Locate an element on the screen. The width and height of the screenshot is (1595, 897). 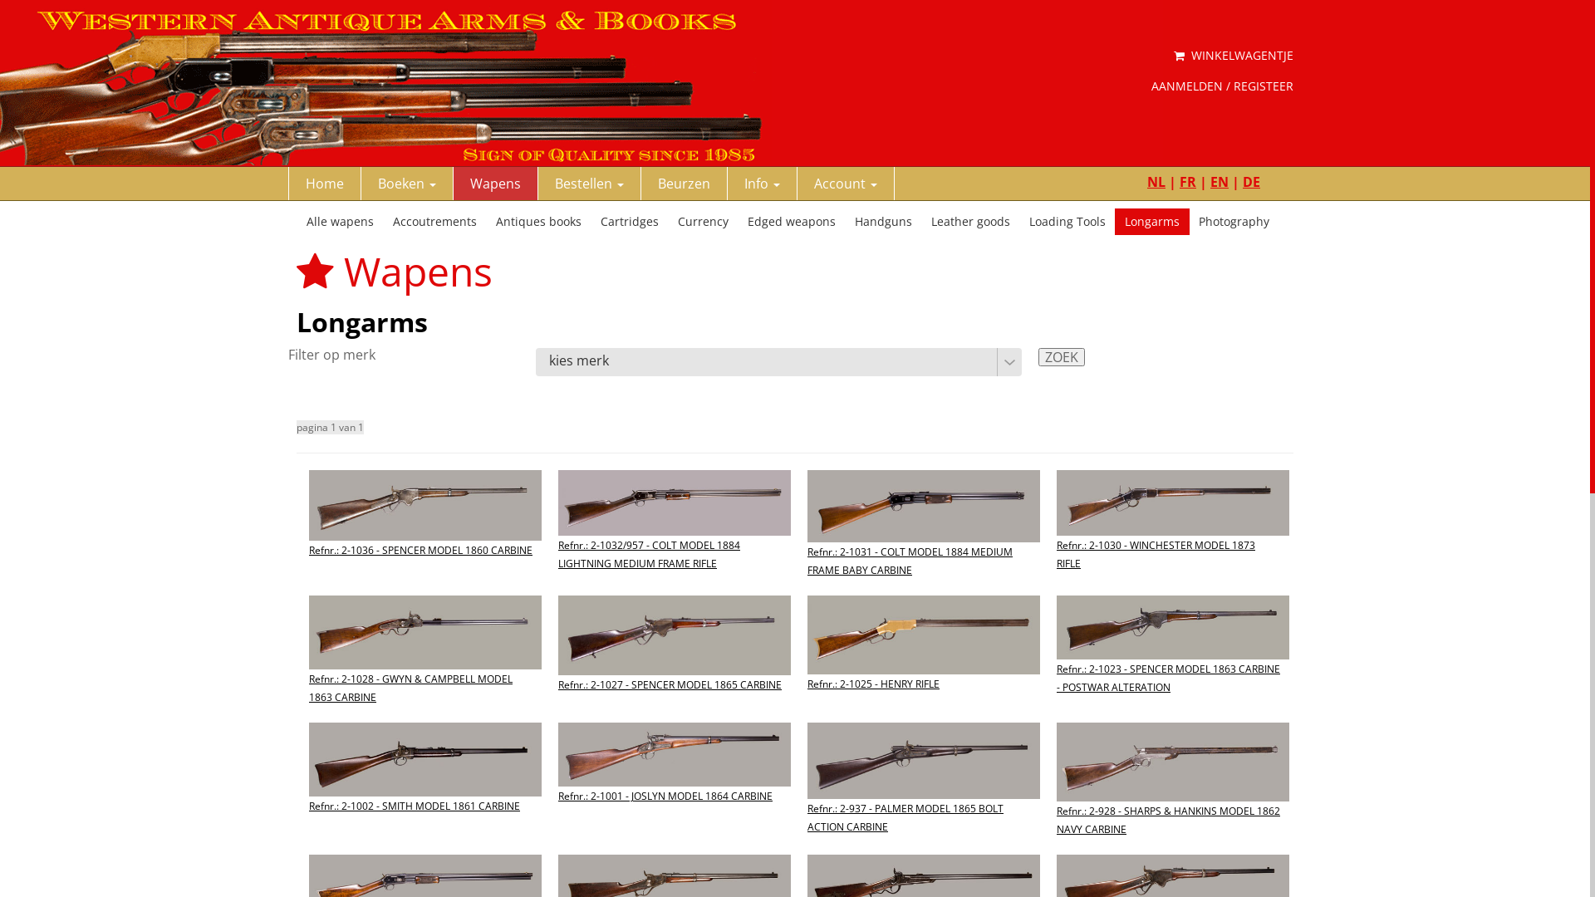
'  WINKELWAGENTJE' is located at coordinates (1172, 54).